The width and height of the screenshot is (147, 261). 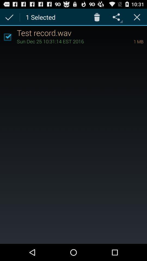 I want to click on the sun dec 25 icon, so click(x=68, y=41).